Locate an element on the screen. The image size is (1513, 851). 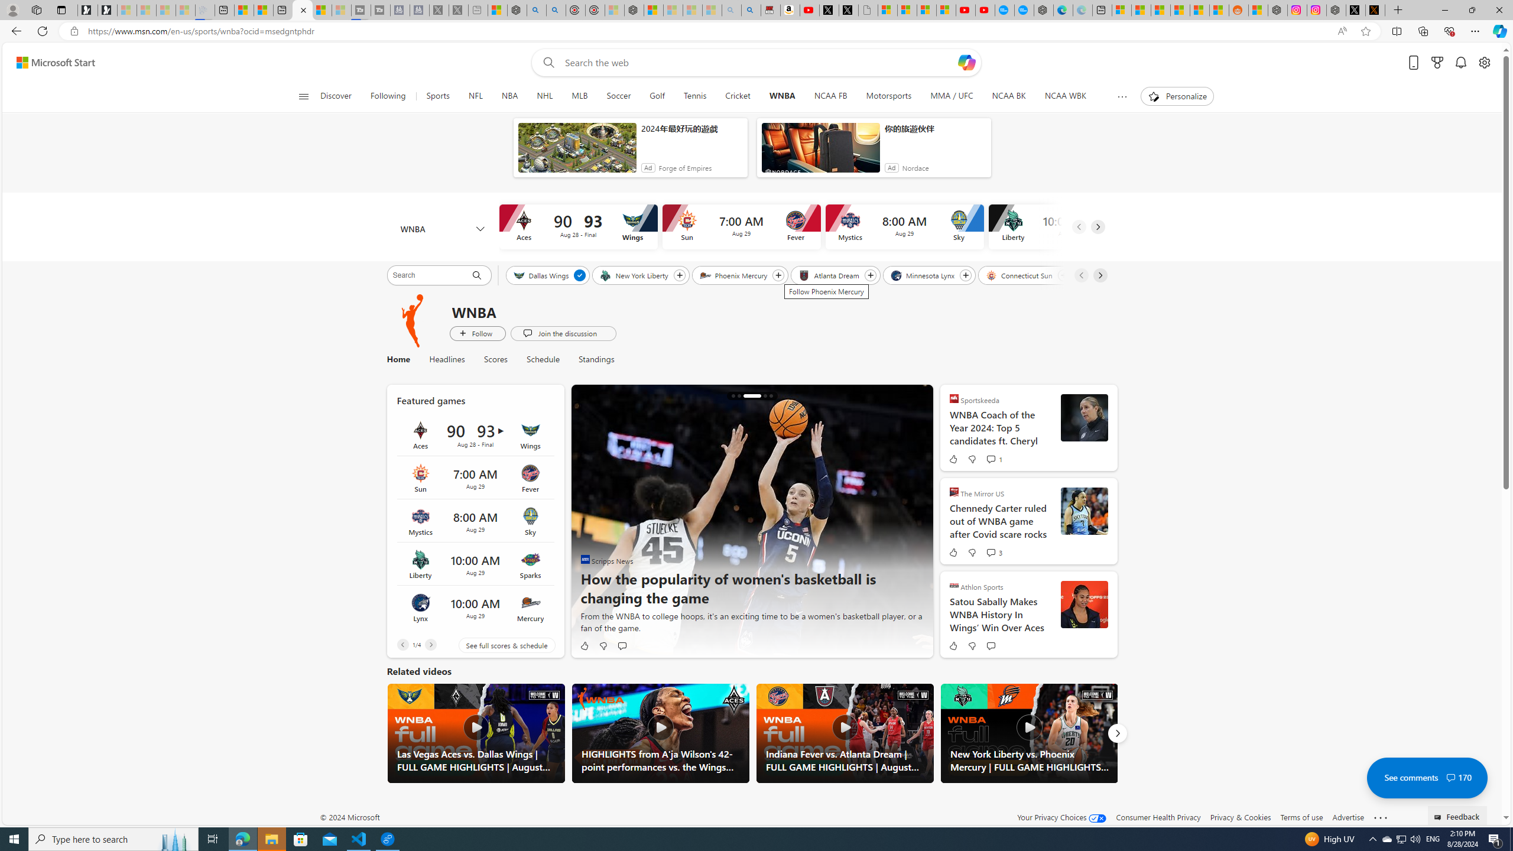
'Web search' is located at coordinates (547, 63).